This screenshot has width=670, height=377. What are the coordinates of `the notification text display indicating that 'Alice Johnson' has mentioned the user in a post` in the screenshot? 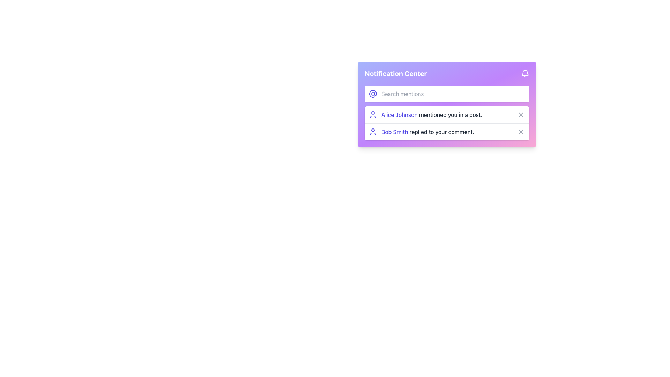 It's located at (431, 114).